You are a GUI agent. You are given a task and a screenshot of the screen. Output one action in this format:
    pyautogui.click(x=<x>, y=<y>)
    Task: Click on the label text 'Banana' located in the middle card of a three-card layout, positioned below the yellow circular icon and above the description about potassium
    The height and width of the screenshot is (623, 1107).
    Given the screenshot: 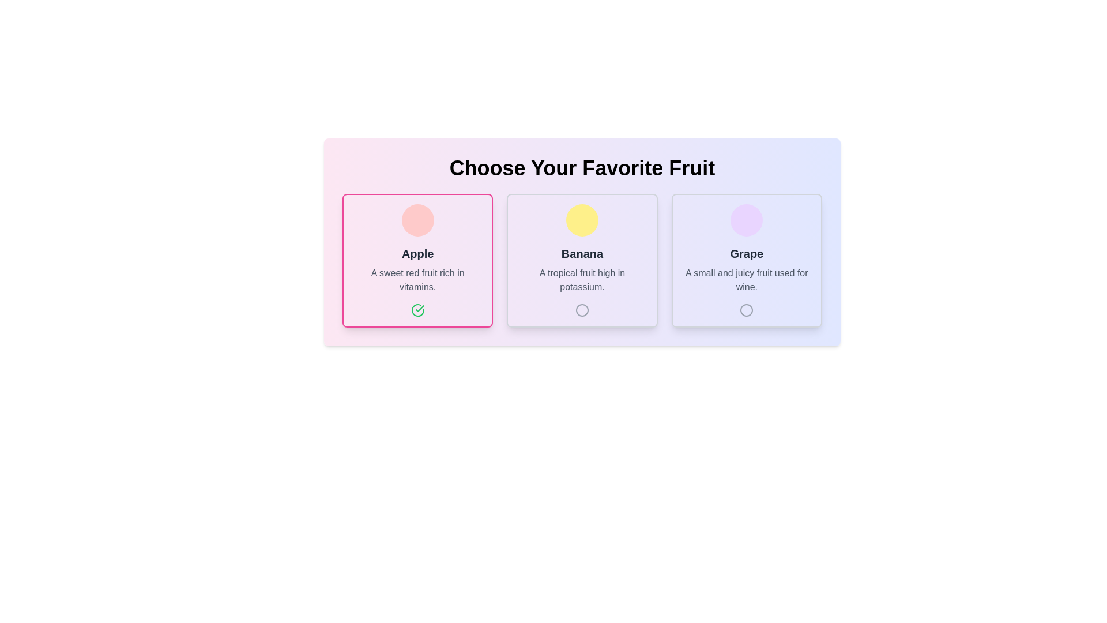 What is the action you would take?
    pyautogui.click(x=582, y=253)
    